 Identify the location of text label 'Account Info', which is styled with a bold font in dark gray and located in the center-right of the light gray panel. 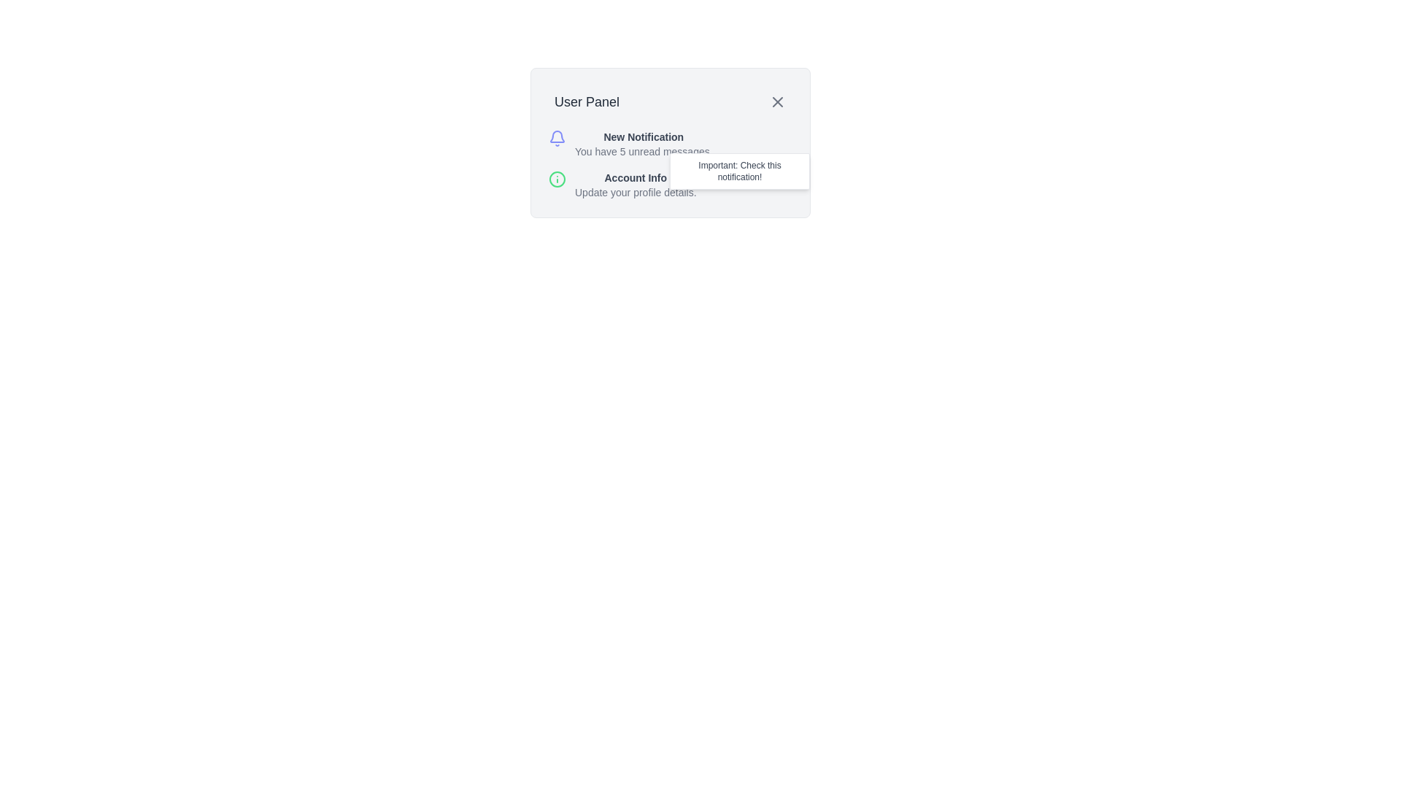
(636, 177).